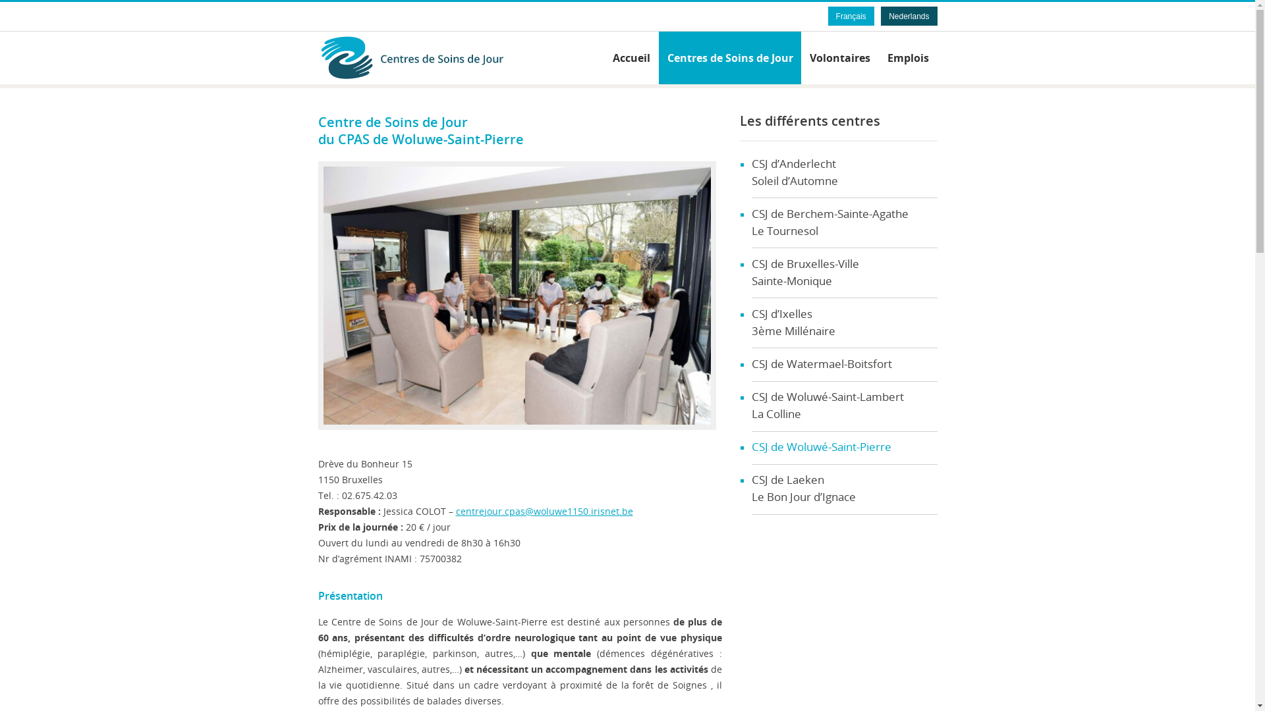  What do you see at coordinates (751, 223) in the screenshot?
I see `'CSJ de Berchem-Sainte-Agathe` at bounding box center [751, 223].